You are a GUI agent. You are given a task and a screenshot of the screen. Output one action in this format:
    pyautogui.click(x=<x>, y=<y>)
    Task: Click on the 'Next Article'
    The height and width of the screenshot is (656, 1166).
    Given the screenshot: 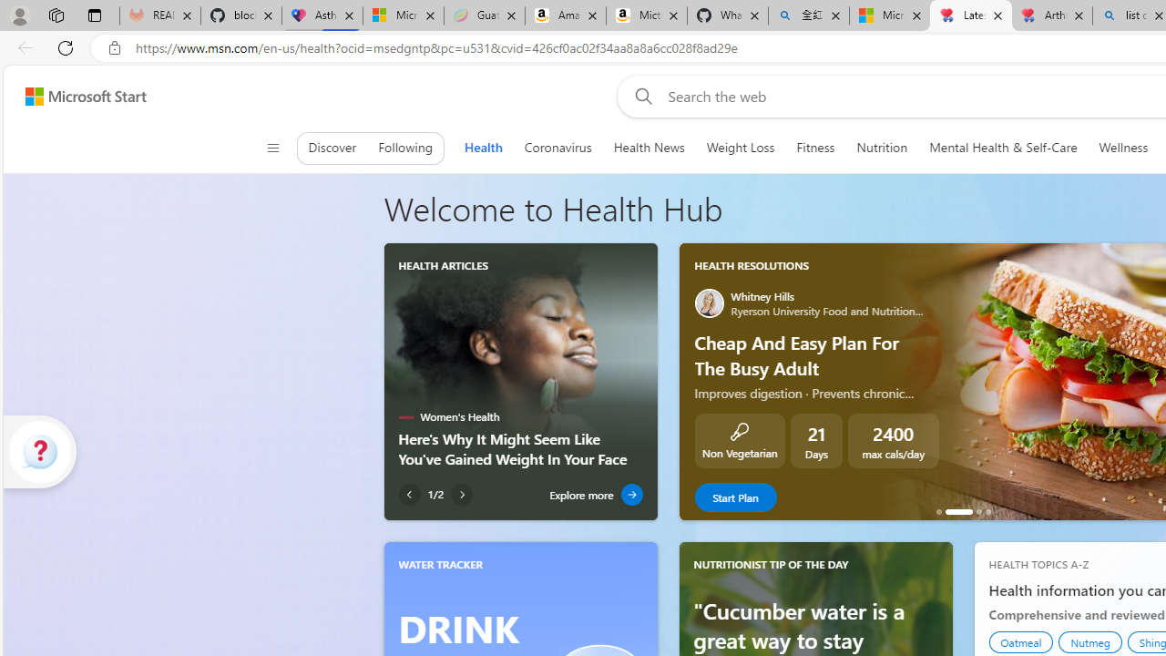 What is the action you would take?
    pyautogui.click(x=462, y=495)
    